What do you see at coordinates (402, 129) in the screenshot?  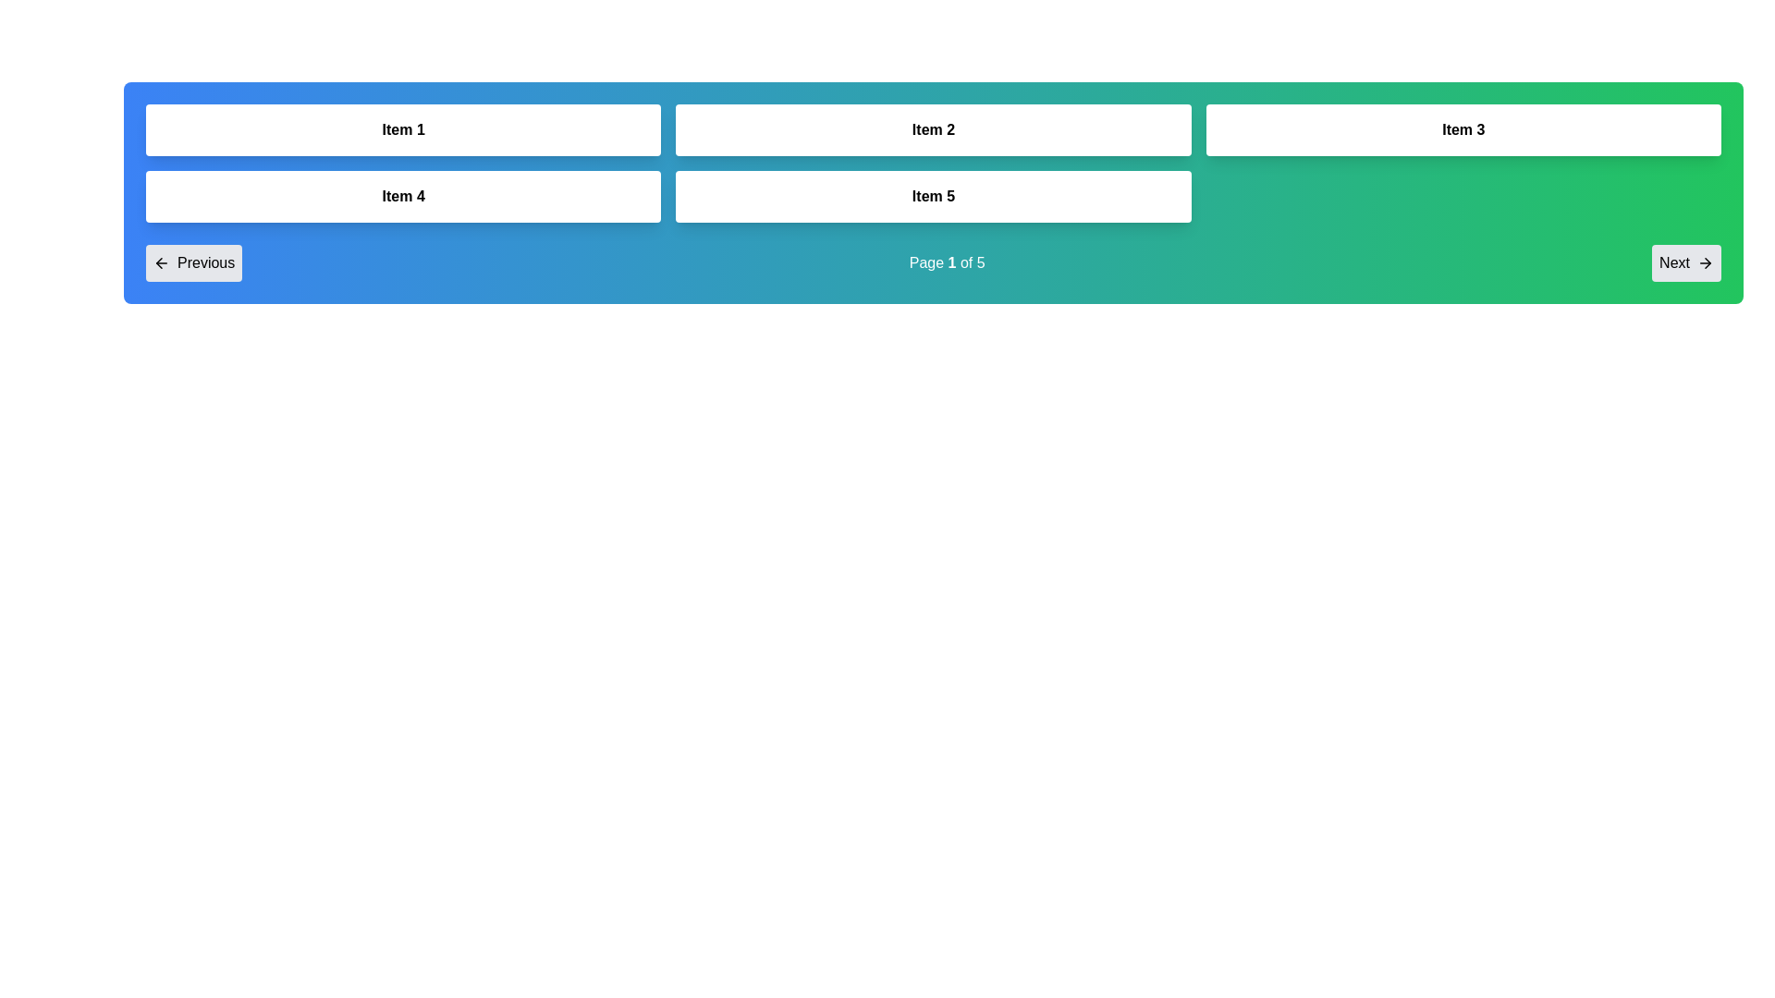 I see `the text element displaying 'Item 1', which is bold and located in the upper-left card of the grid layout` at bounding box center [402, 129].